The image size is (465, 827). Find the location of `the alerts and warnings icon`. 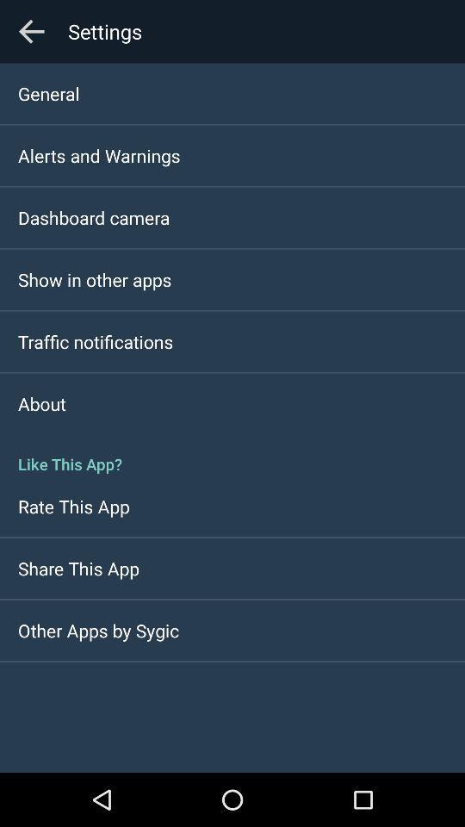

the alerts and warnings icon is located at coordinates (99, 154).